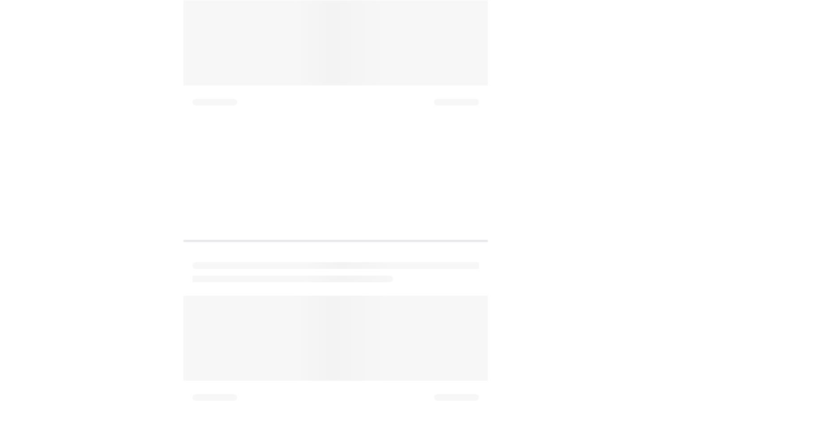  Describe the element at coordinates (193, 38) in the screenshot. I see `'1'` at that location.